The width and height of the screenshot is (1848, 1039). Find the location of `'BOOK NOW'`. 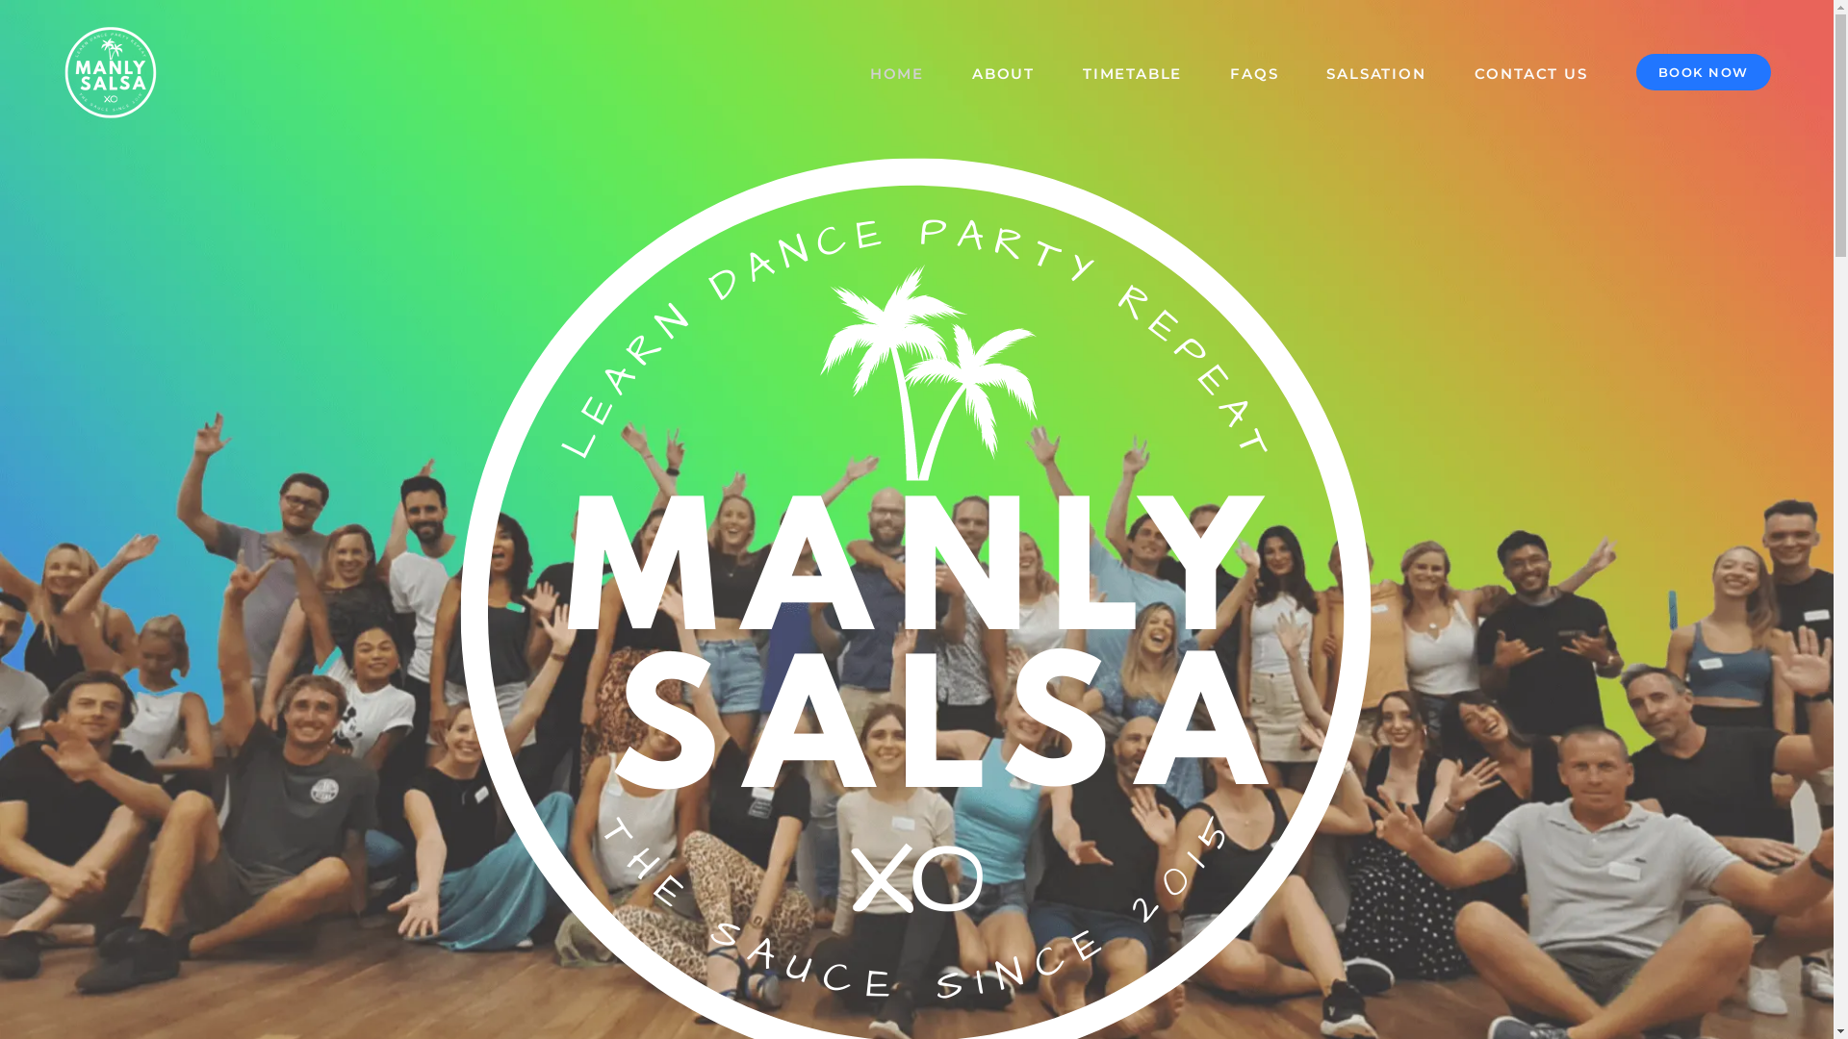

'BOOK NOW' is located at coordinates (1704, 70).